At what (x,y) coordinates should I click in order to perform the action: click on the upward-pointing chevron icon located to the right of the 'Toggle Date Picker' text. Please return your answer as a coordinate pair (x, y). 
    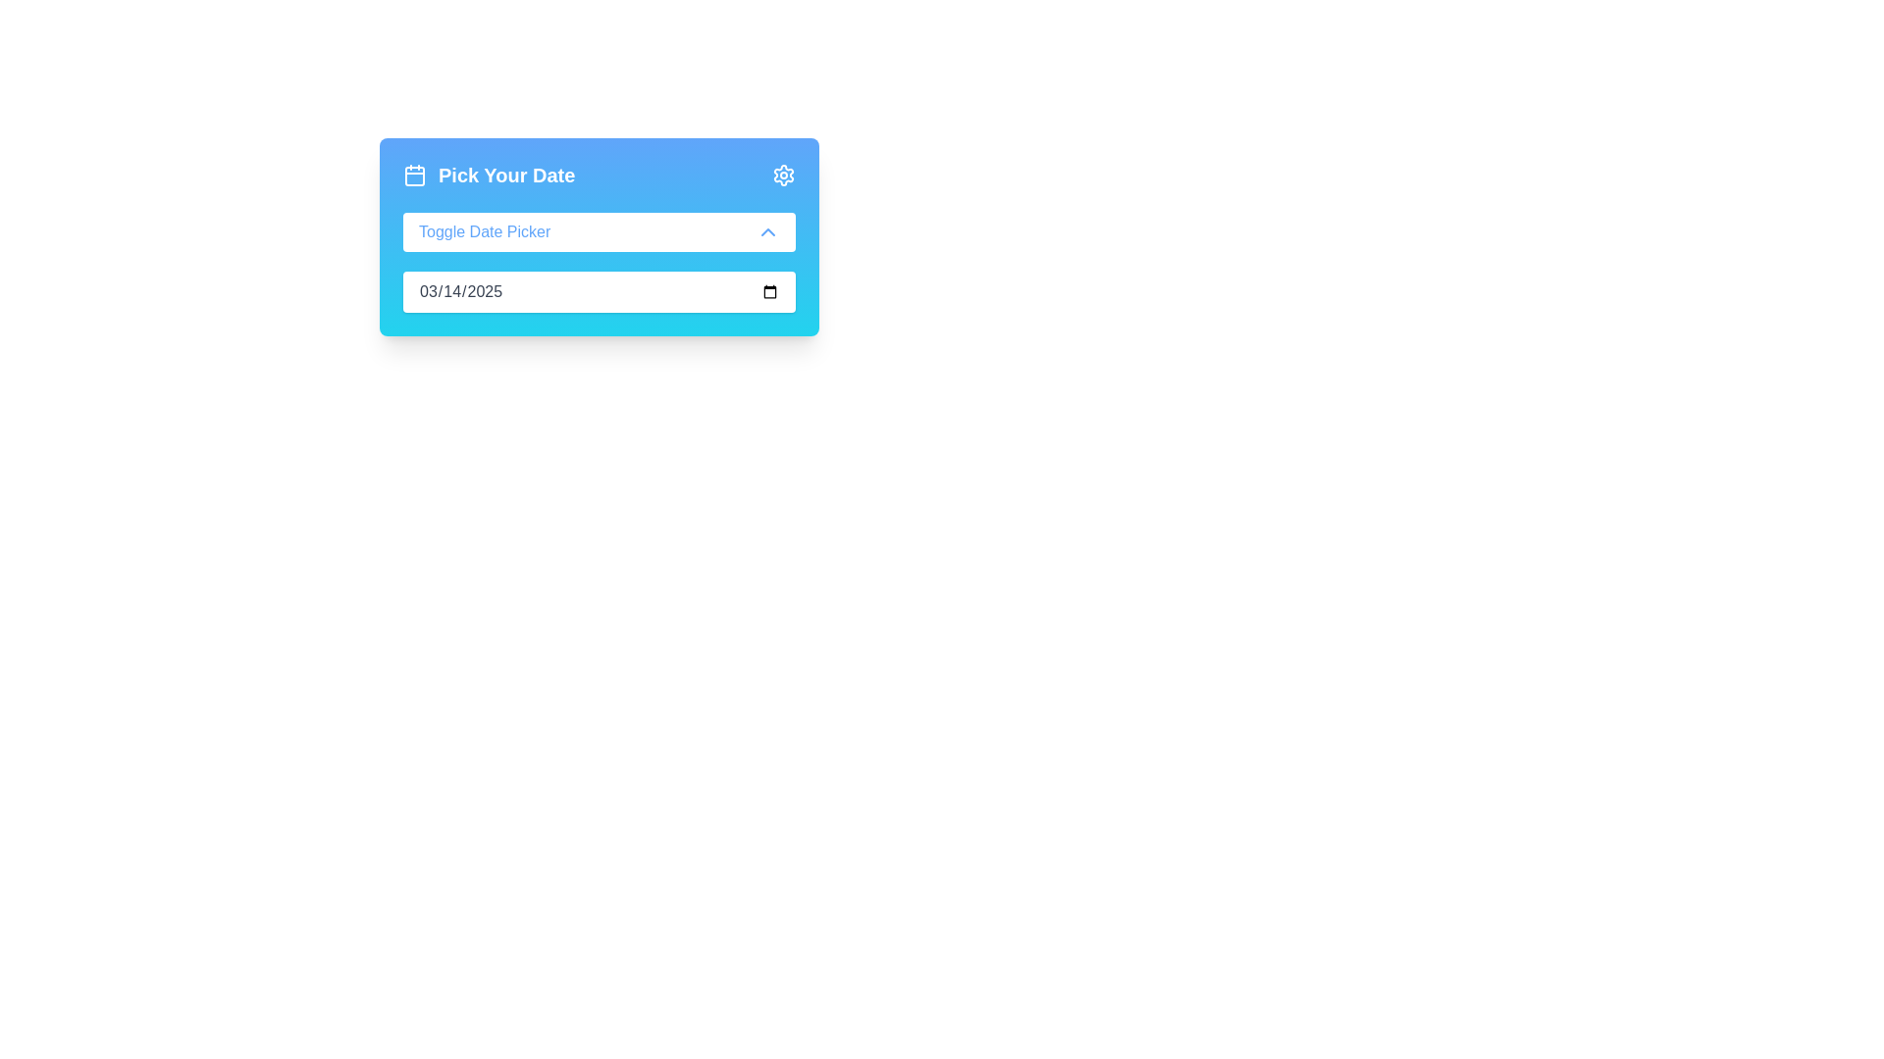
    Looking at the image, I should click on (766, 230).